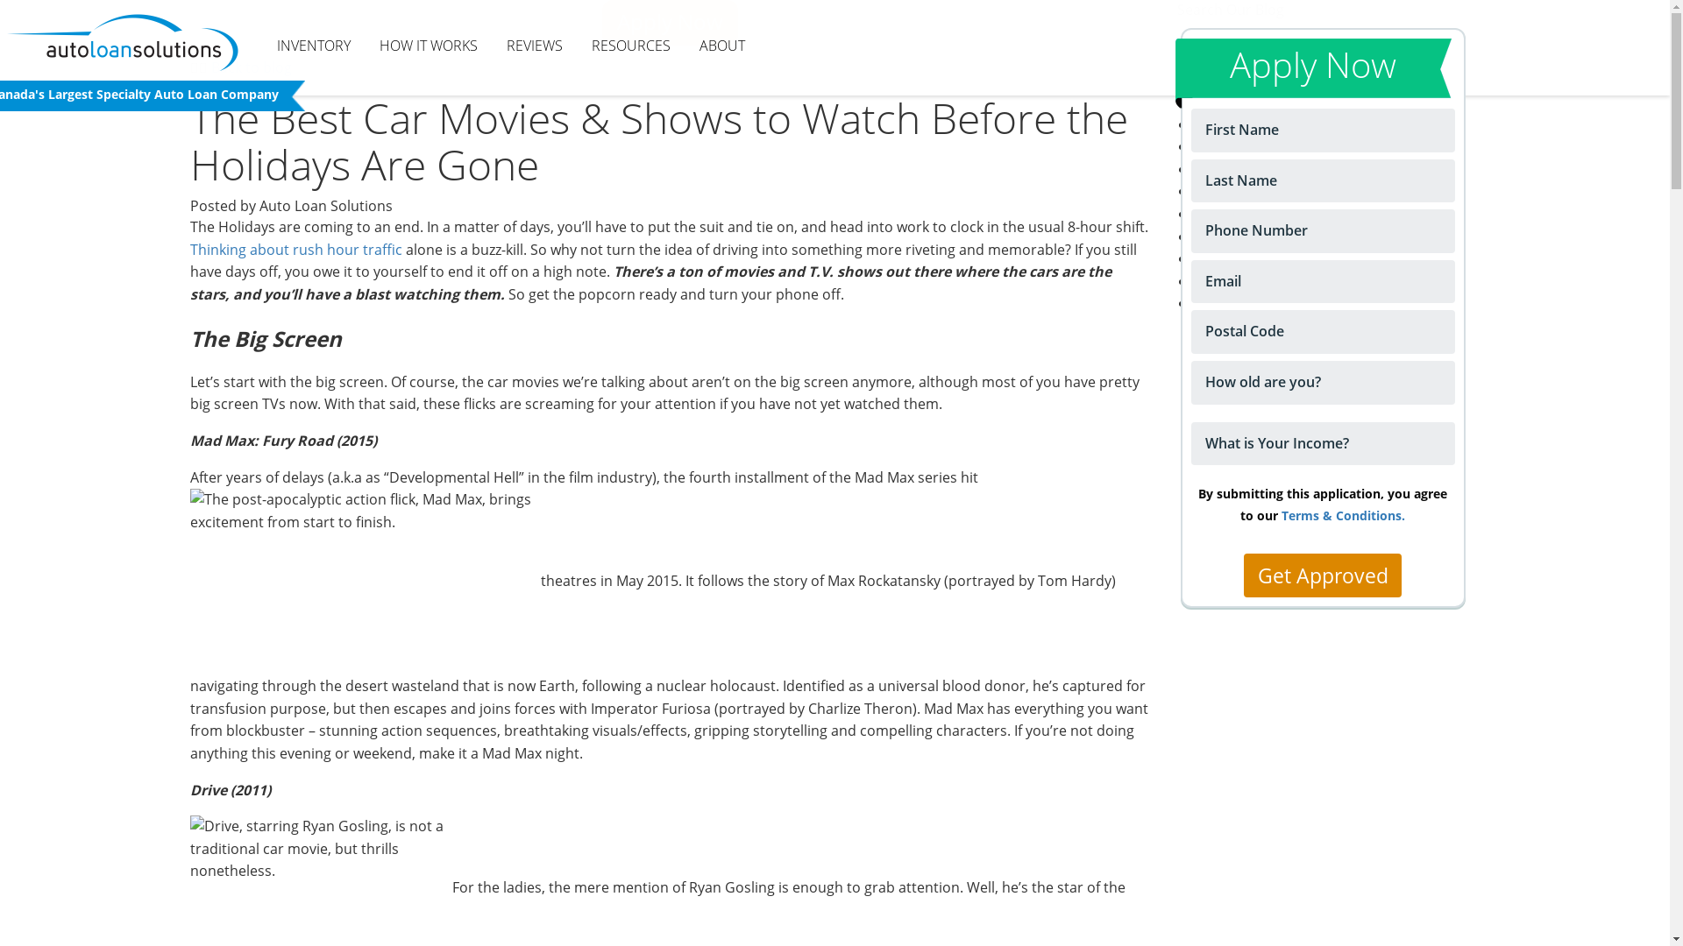 This screenshot has height=946, width=1683. I want to click on 'RESOURCES', so click(631, 46).